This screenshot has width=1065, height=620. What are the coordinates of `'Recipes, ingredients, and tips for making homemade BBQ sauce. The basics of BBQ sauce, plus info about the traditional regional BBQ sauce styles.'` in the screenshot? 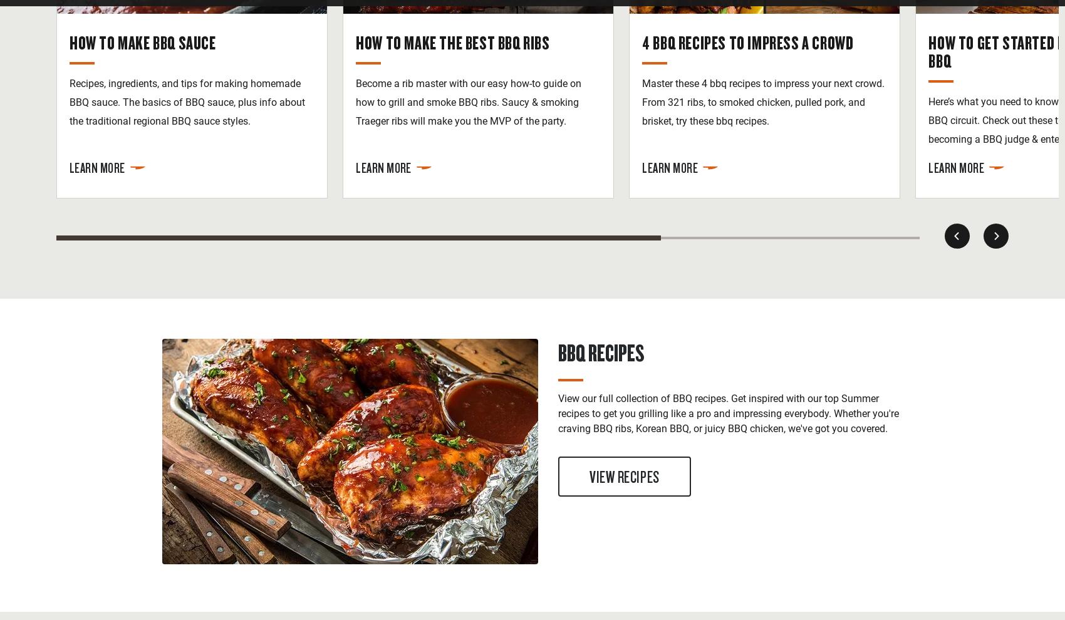 It's located at (69, 101).